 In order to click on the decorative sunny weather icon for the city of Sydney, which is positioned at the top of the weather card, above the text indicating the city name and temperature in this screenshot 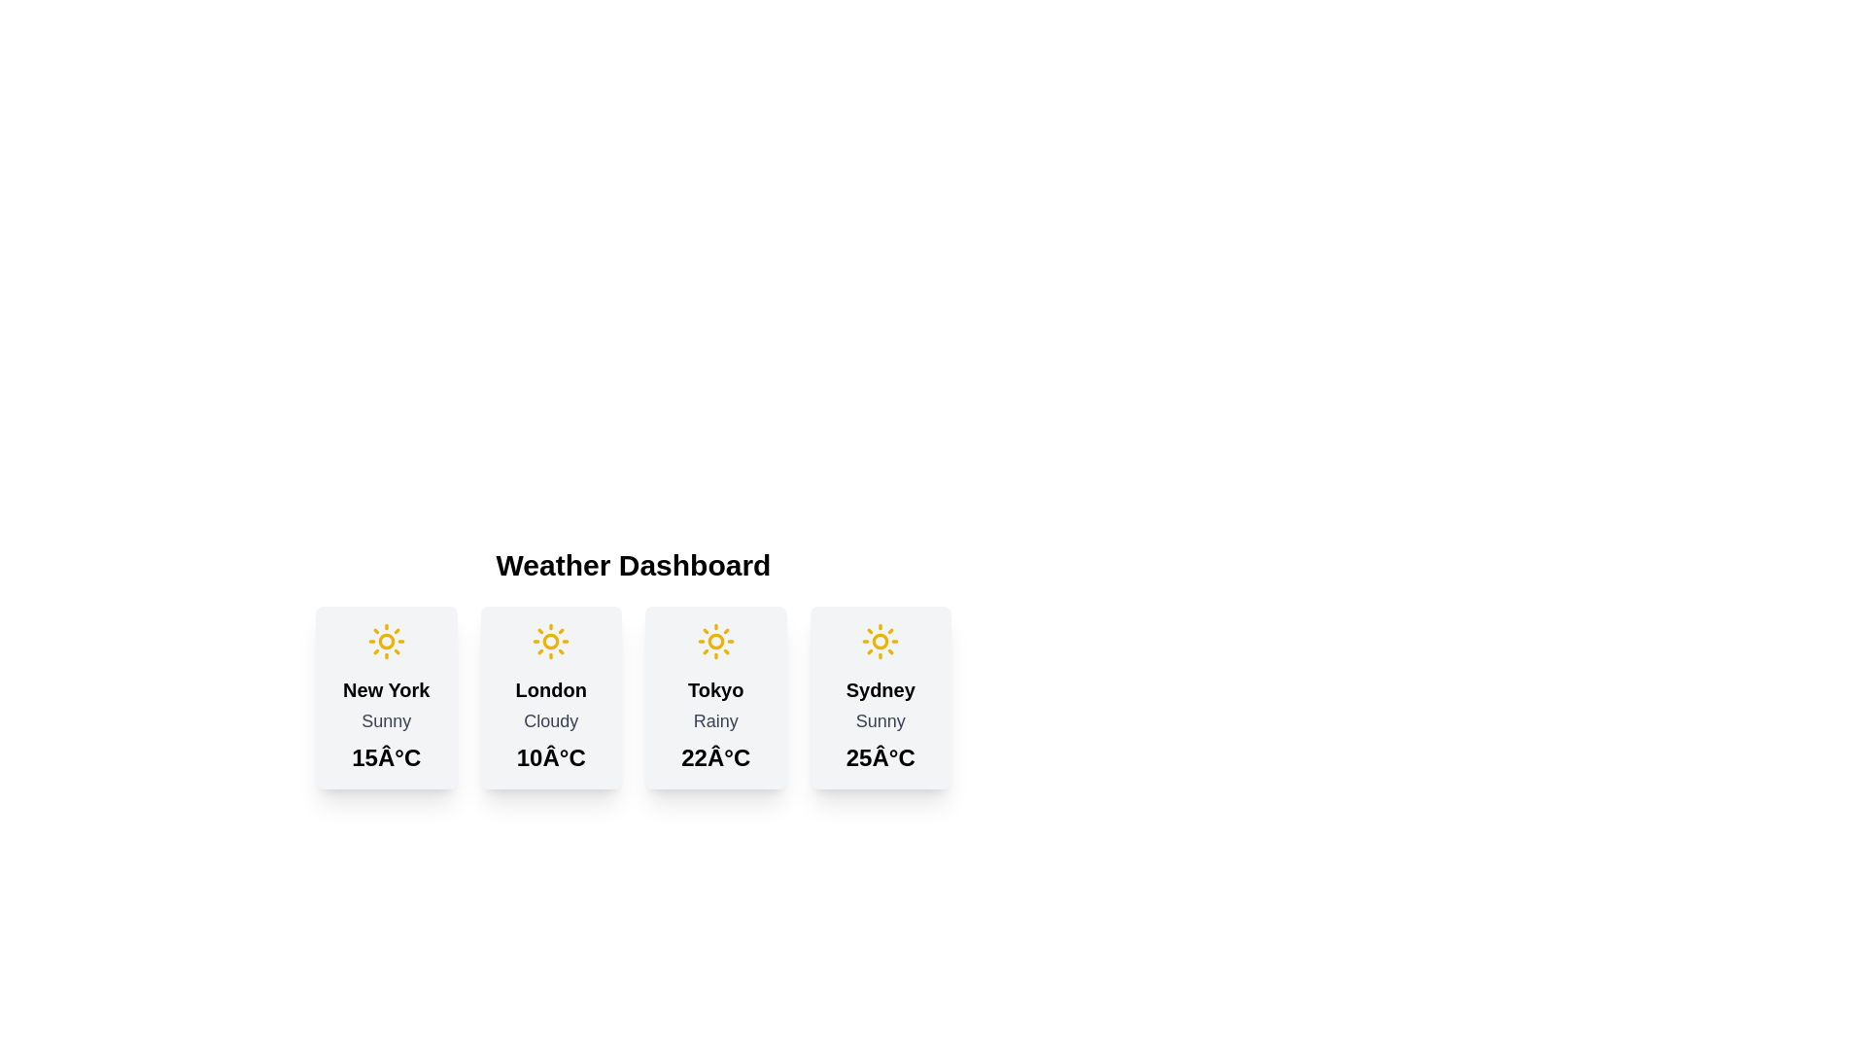, I will do `click(880, 641)`.